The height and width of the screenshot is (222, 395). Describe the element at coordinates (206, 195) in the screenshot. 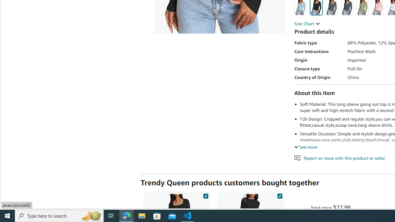

I see `'AutomationID: thematicBundleCheck-1'` at that location.